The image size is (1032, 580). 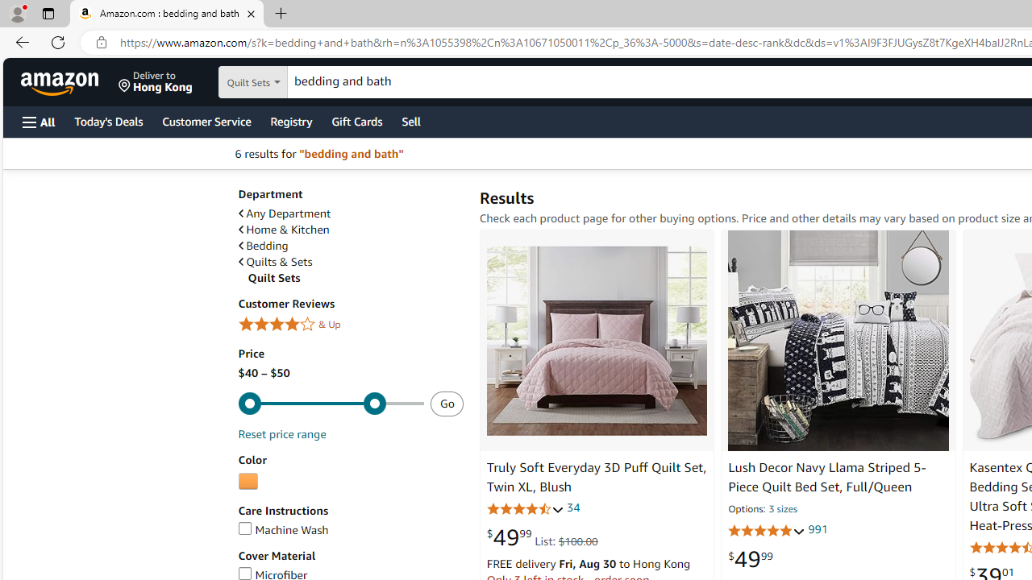 I want to click on 'Machine Wash', so click(x=283, y=530).